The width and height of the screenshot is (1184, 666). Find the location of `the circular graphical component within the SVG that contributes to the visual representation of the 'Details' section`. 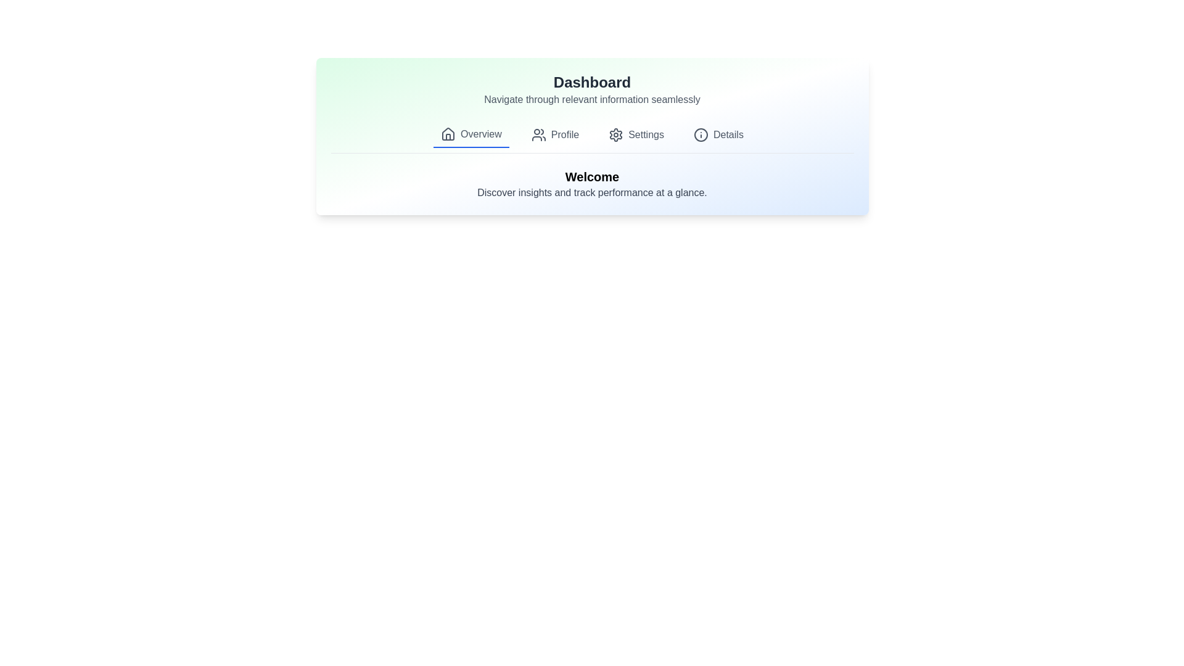

the circular graphical component within the SVG that contributes to the visual representation of the 'Details' section is located at coordinates (701, 135).